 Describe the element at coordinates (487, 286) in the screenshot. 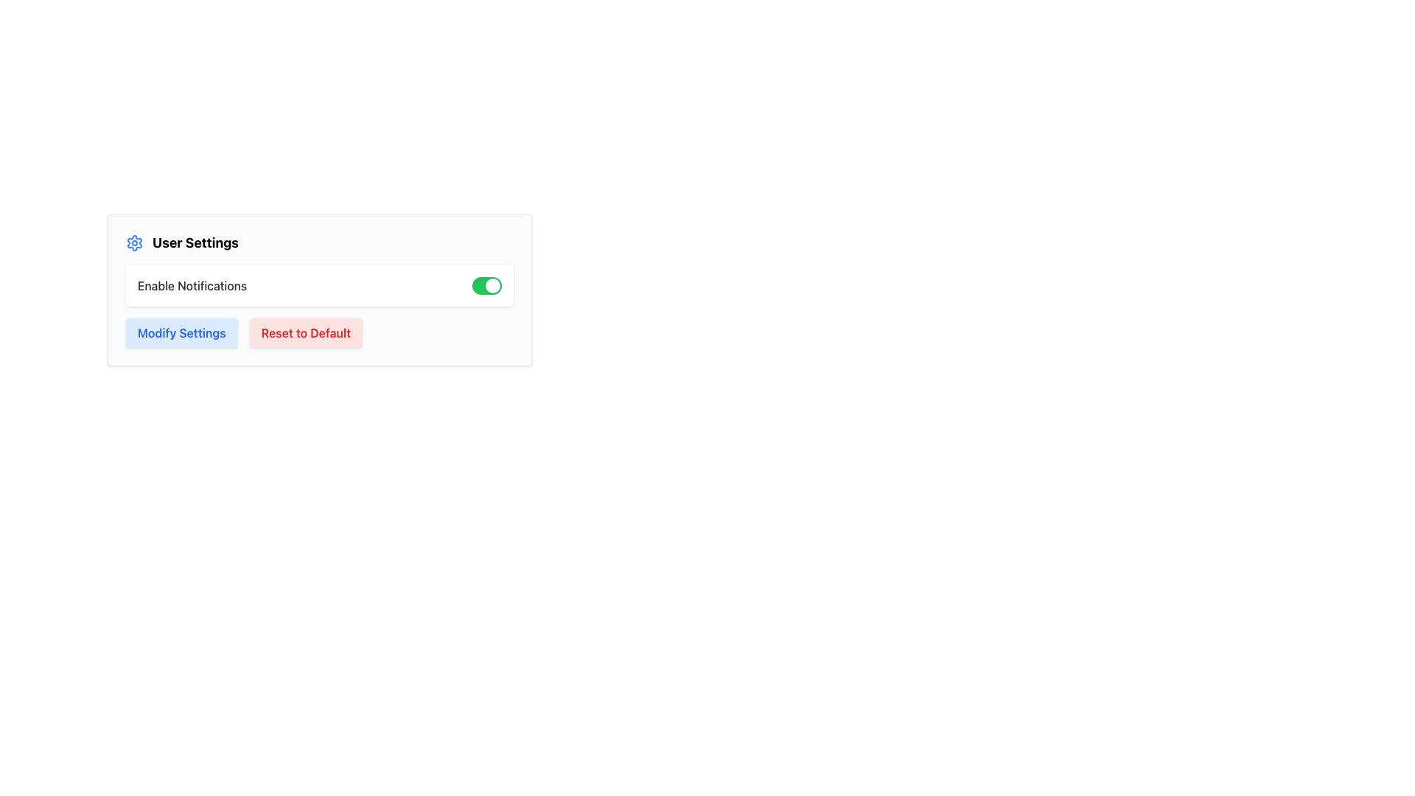

I see `the toggle switch located on the right side of the 'Enable Notifications' text` at that location.